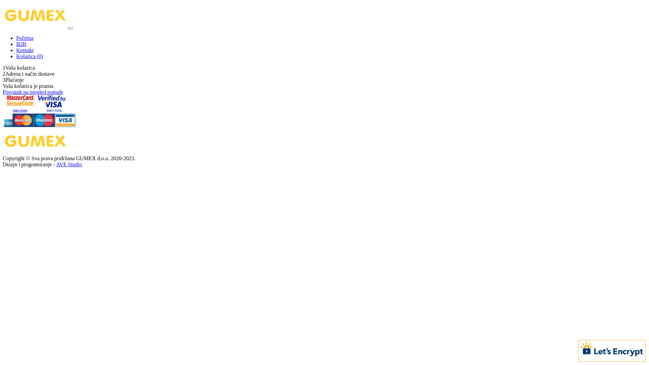 The height and width of the screenshot is (365, 649). What do you see at coordinates (32, 92) in the screenshot?
I see `'Povratak na pregled ponude'` at bounding box center [32, 92].